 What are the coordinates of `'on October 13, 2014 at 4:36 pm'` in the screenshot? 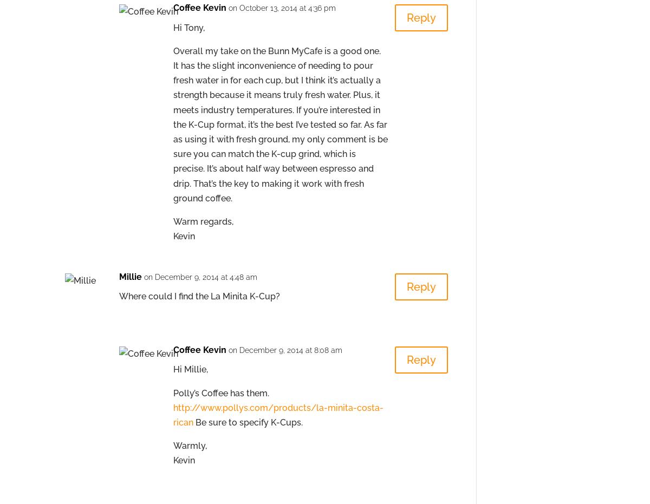 It's located at (282, 7).